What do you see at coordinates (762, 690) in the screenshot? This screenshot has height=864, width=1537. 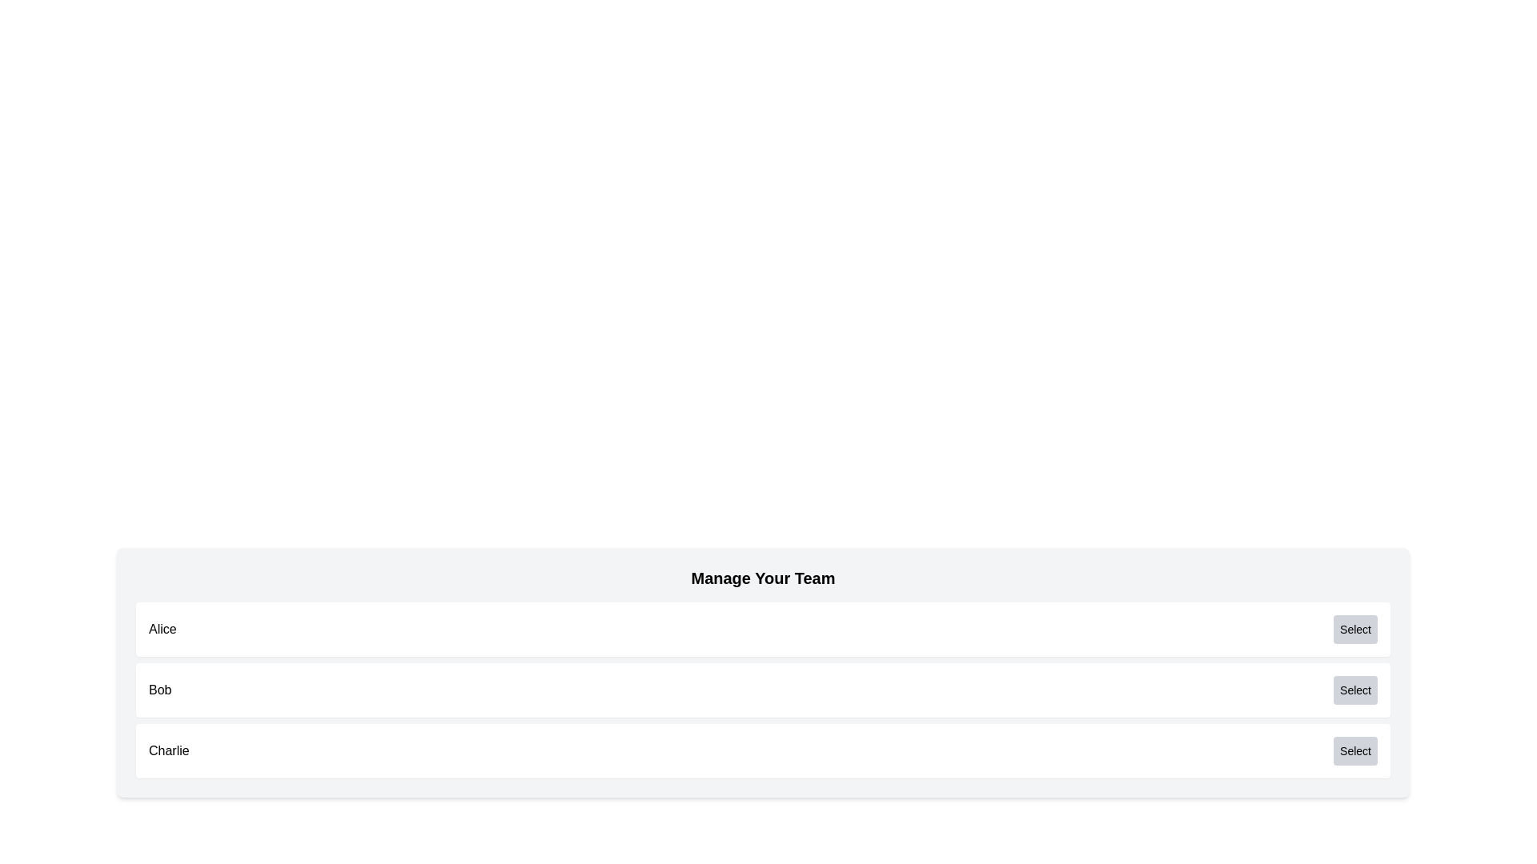 I see `text in the user entry for 'Bob', which is the second entry in a vertical list of user entries` at bounding box center [762, 690].